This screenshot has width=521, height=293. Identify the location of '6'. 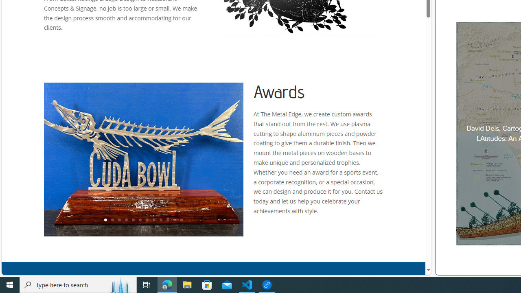
(140, 220).